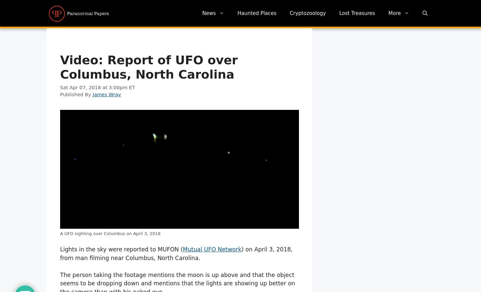 The width and height of the screenshot is (481, 292). I want to click on 'Lost Treasures', so click(357, 13).